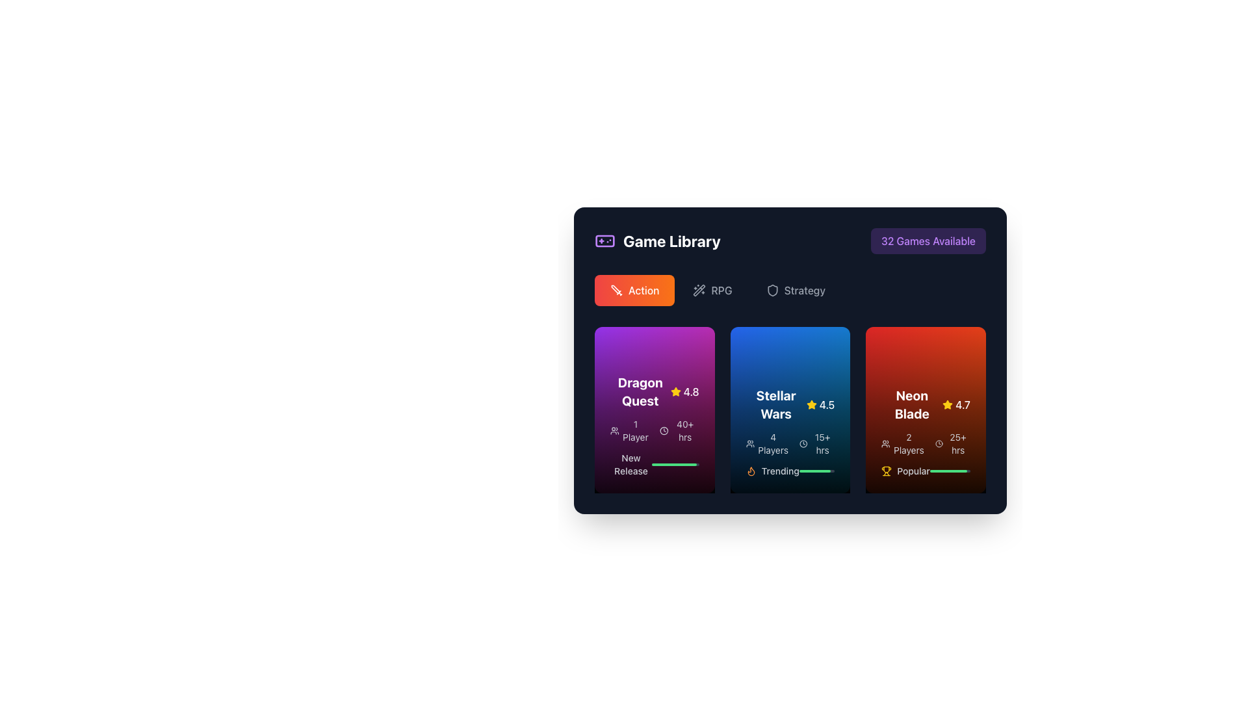  What do you see at coordinates (885, 443) in the screenshot?
I see `the icon illustrating two users, which is located to the left of the '2 Players' text in the 'Neon Blade' card` at bounding box center [885, 443].